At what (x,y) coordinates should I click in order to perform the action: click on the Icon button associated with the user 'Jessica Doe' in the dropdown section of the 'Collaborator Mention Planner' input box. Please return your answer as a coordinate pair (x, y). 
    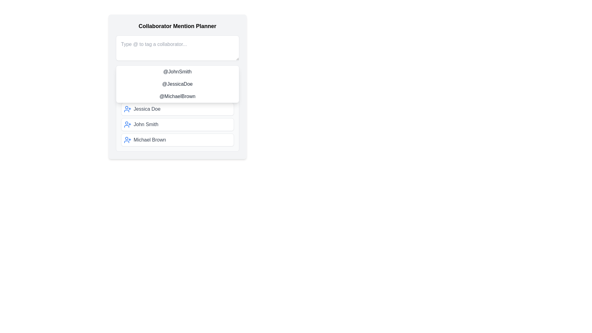
    Looking at the image, I should click on (127, 109).